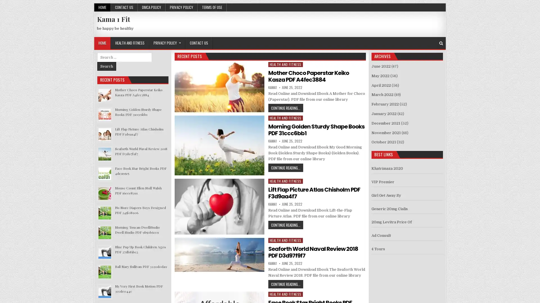 The height and width of the screenshot is (303, 540). I want to click on Search, so click(106, 66).